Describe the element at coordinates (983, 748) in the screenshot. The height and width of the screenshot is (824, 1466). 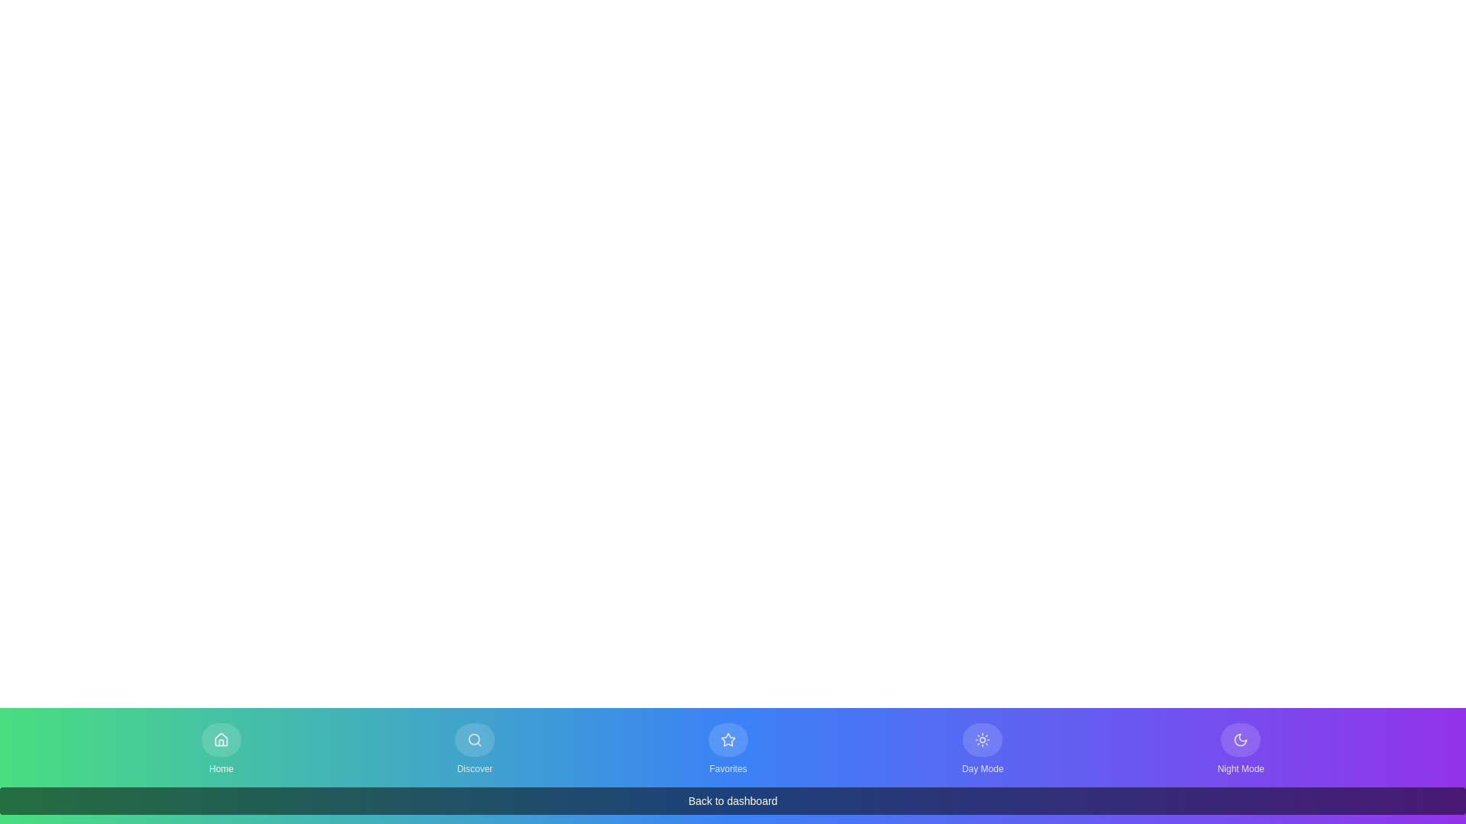
I see `the Day Mode tab by clicking the corresponding button` at that location.